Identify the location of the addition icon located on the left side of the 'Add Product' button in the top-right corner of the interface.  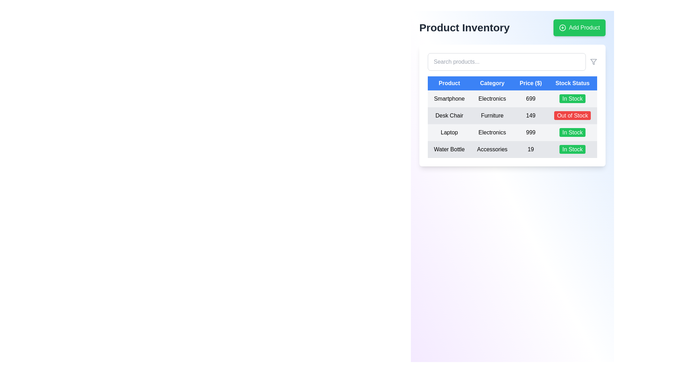
(562, 27).